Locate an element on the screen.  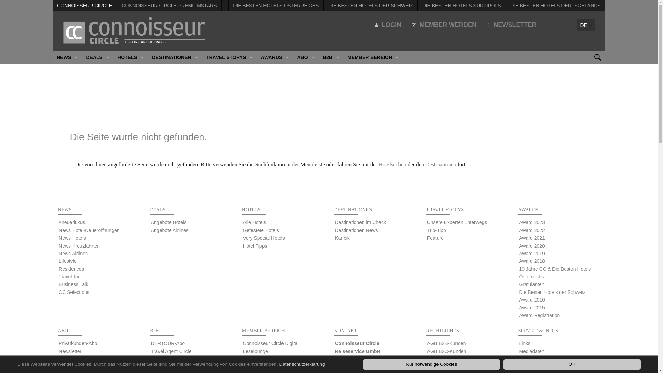
'Karibik' is located at coordinates (335, 238).